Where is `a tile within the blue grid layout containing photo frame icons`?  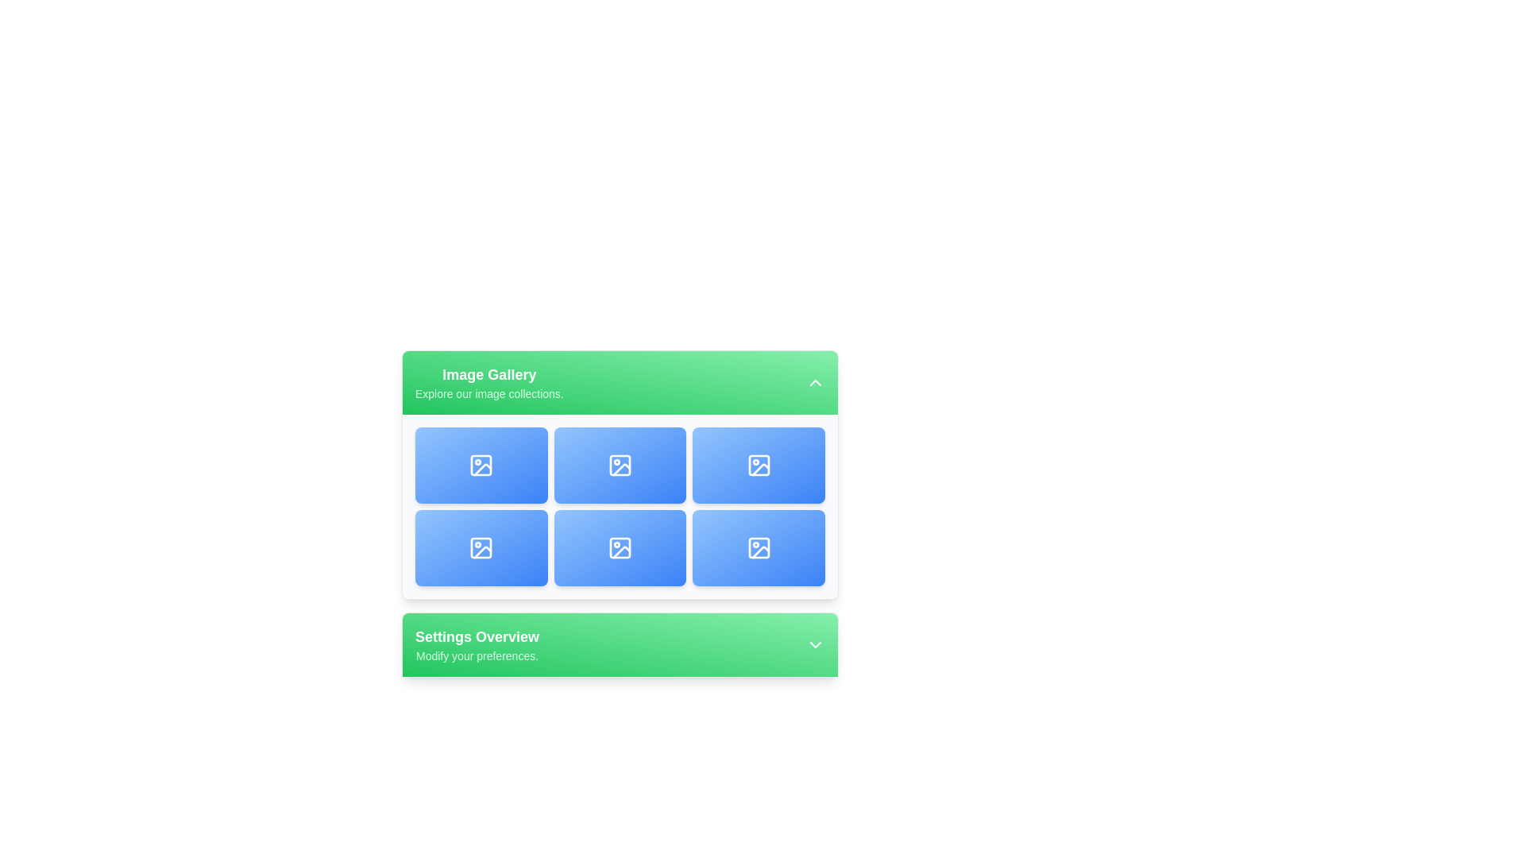
a tile within the blue grid layout containing photo frame icons is located at coordinates (620, 514).